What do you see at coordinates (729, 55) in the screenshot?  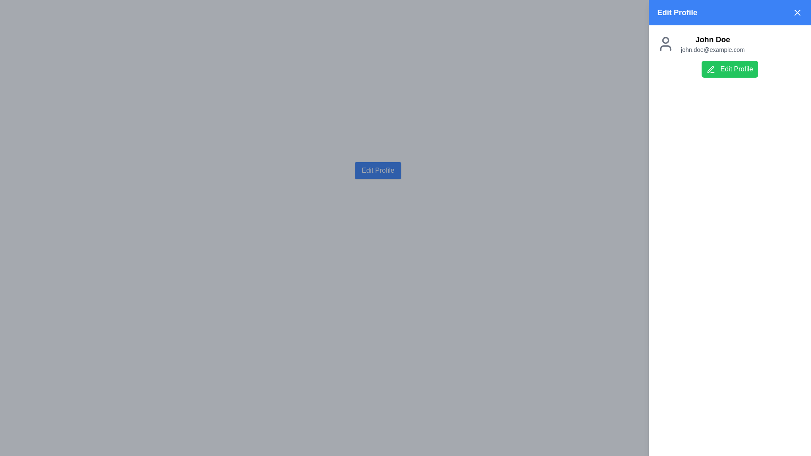 I see `the user's name or email in the Profile Summary Section located in the right-side panel of the 'Edit Profile' modal for potential additional actions` at bounding box center [729, 55].